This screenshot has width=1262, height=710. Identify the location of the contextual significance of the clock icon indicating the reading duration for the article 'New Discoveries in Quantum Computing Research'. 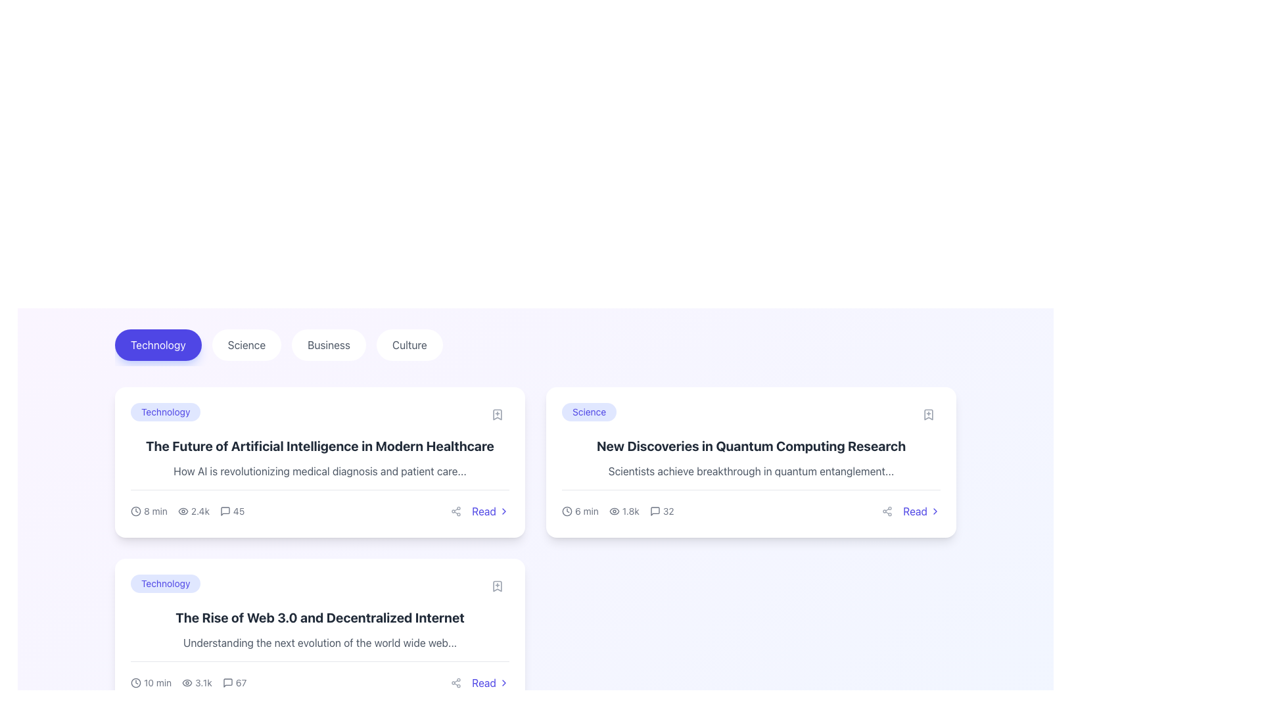
(567, 511).